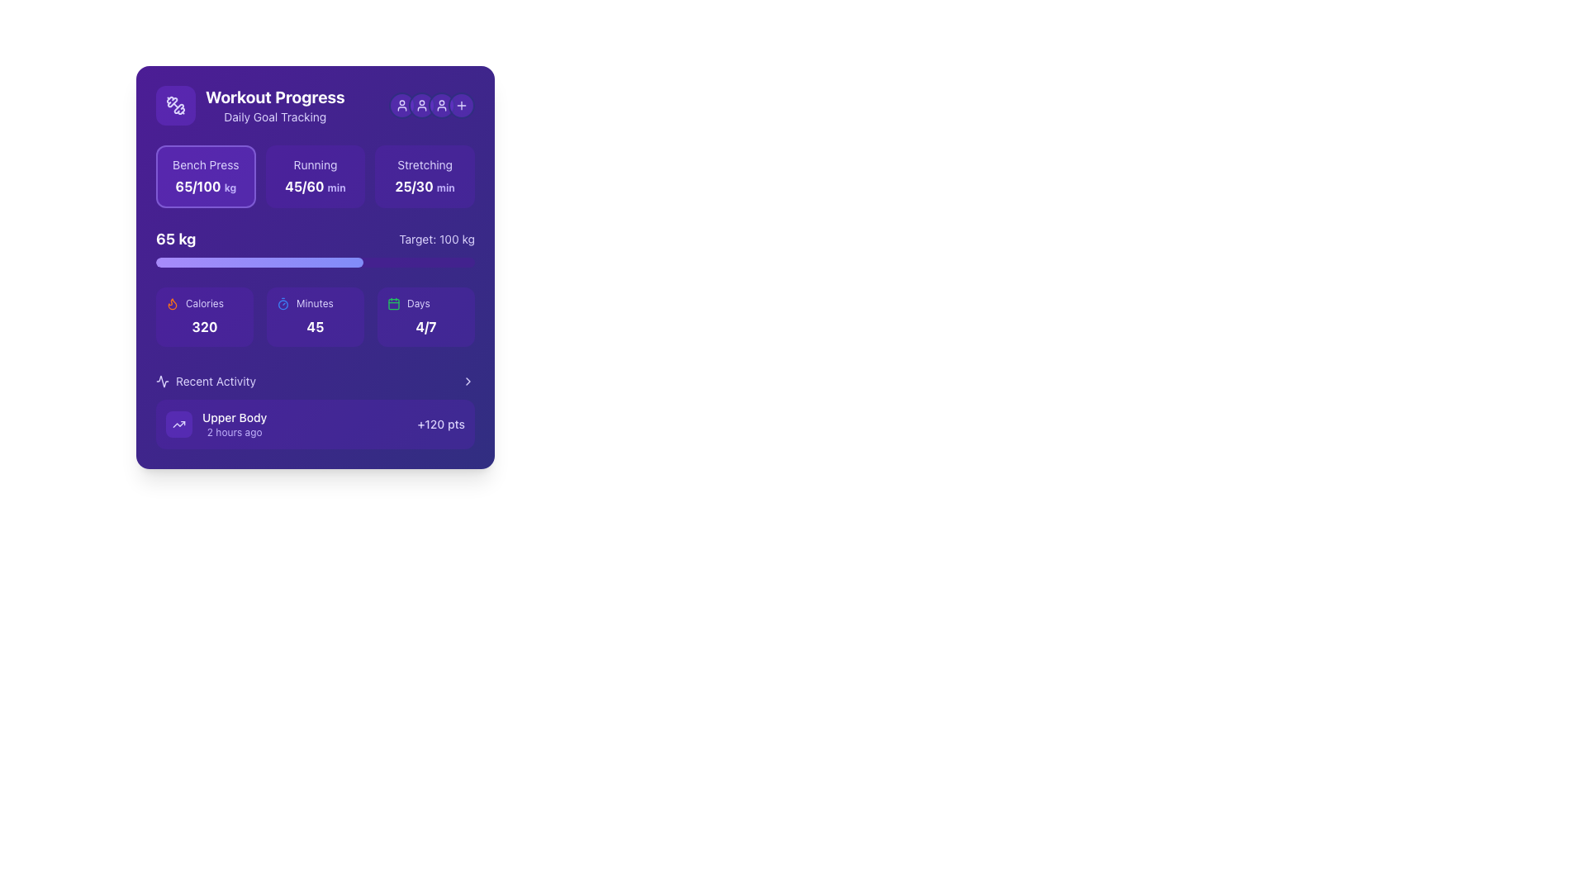 The width and height of the screenshot is (1586, 892). What do you see at coordinates (401, 105) in the screenshot?
I see `the user profile icon located in the upper-right section of the 'Workout Progress' card, which is the first icon from the left in a horizontal row of similar icons` at bounding box center [401, 105].